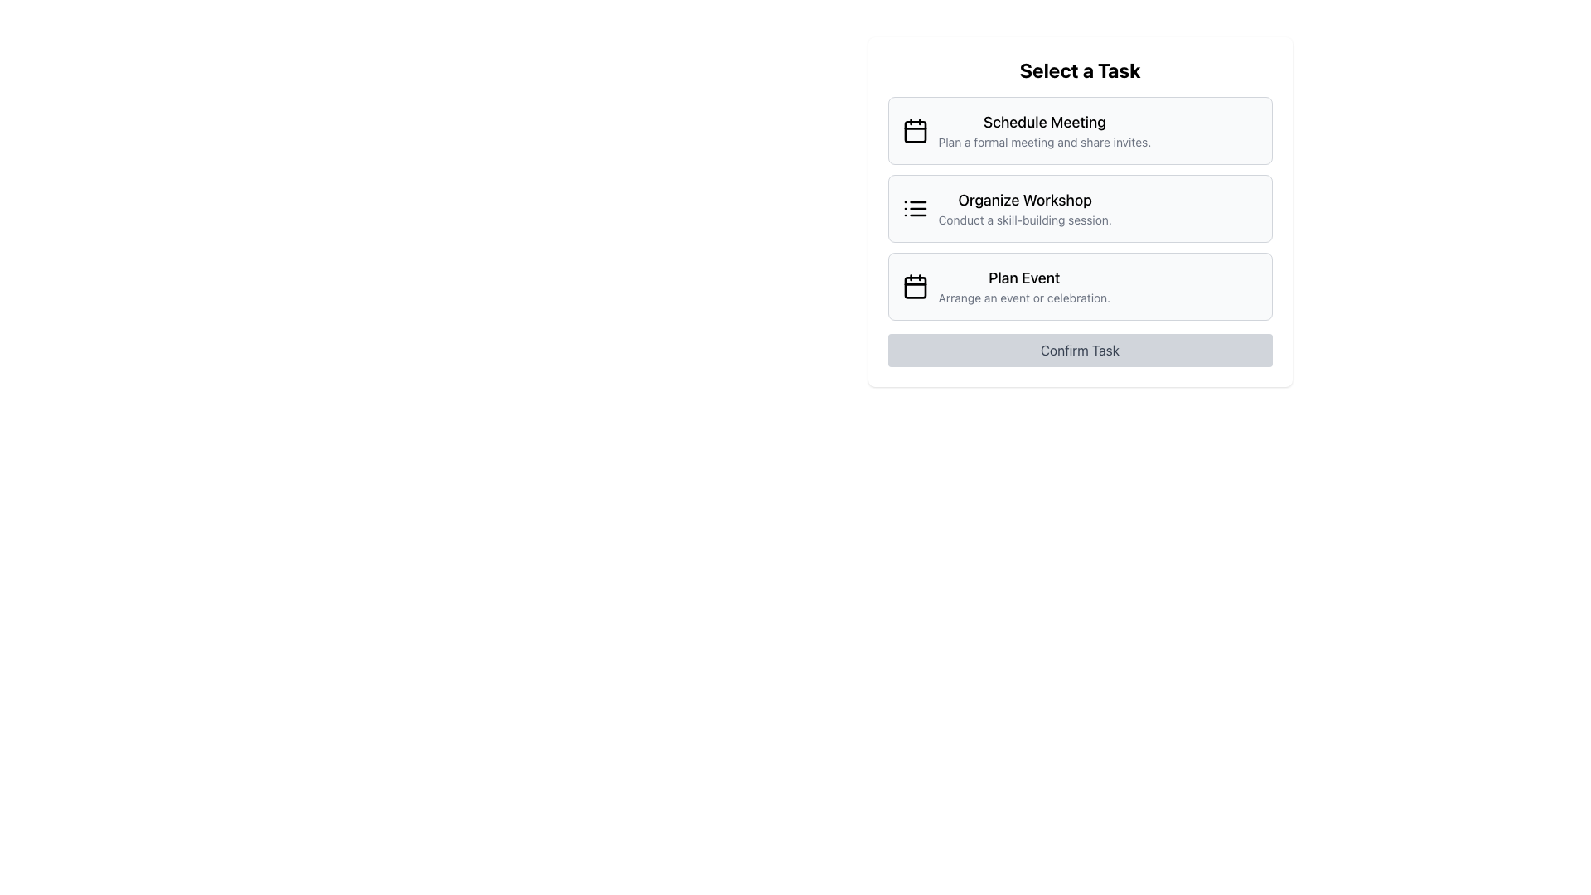 The image size is (1591, 895). What do you see at coordinates (1080, 286) in the screenshot?
I see `the 'Plan Event' selectable card, which is the third card in a vertical list located between the 'Organize Workshop' card and the 'Confirm Task' button` at bounding box center [1080, 286].